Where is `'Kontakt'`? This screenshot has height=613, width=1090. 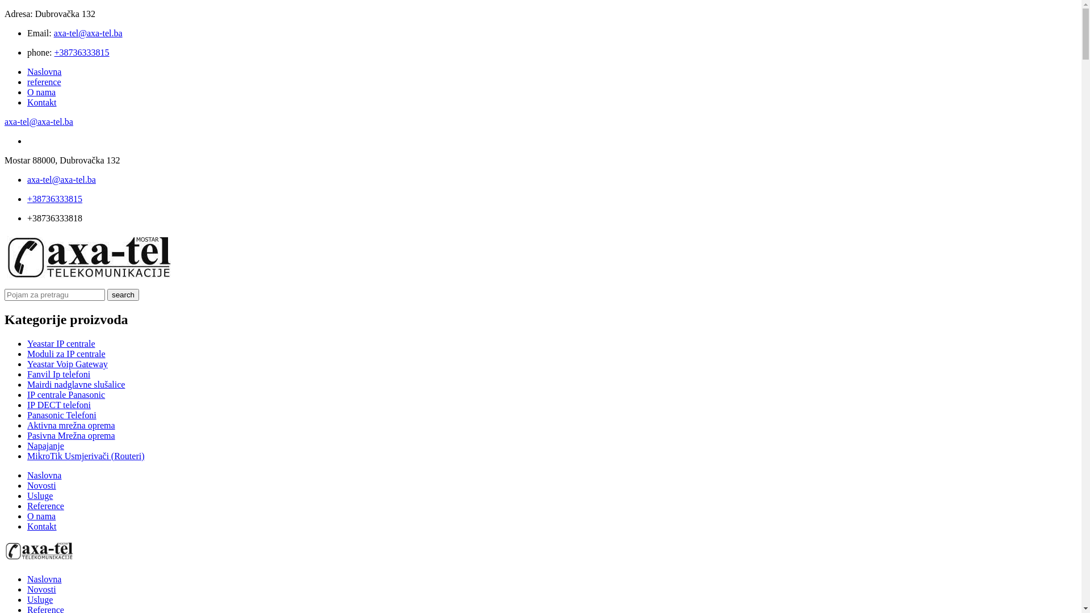
'Kontakt' is located at coordinates (41, 102).